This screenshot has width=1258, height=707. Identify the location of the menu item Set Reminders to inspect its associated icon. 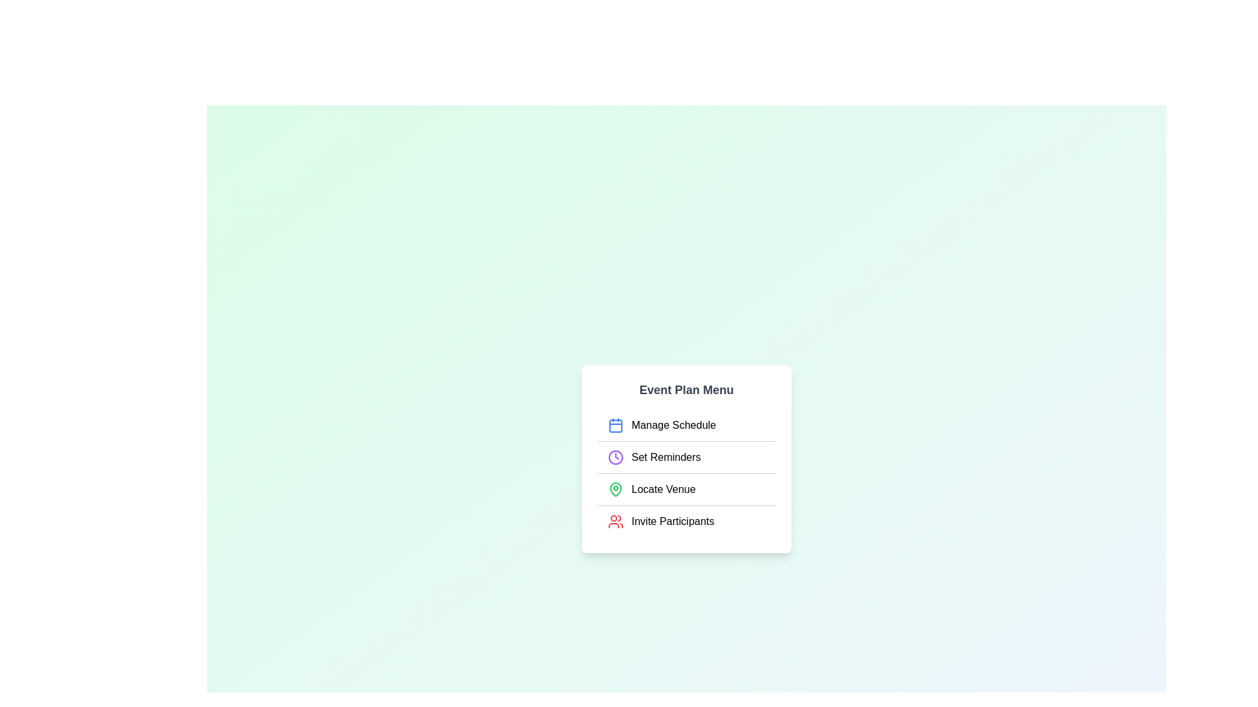
(615, 456).